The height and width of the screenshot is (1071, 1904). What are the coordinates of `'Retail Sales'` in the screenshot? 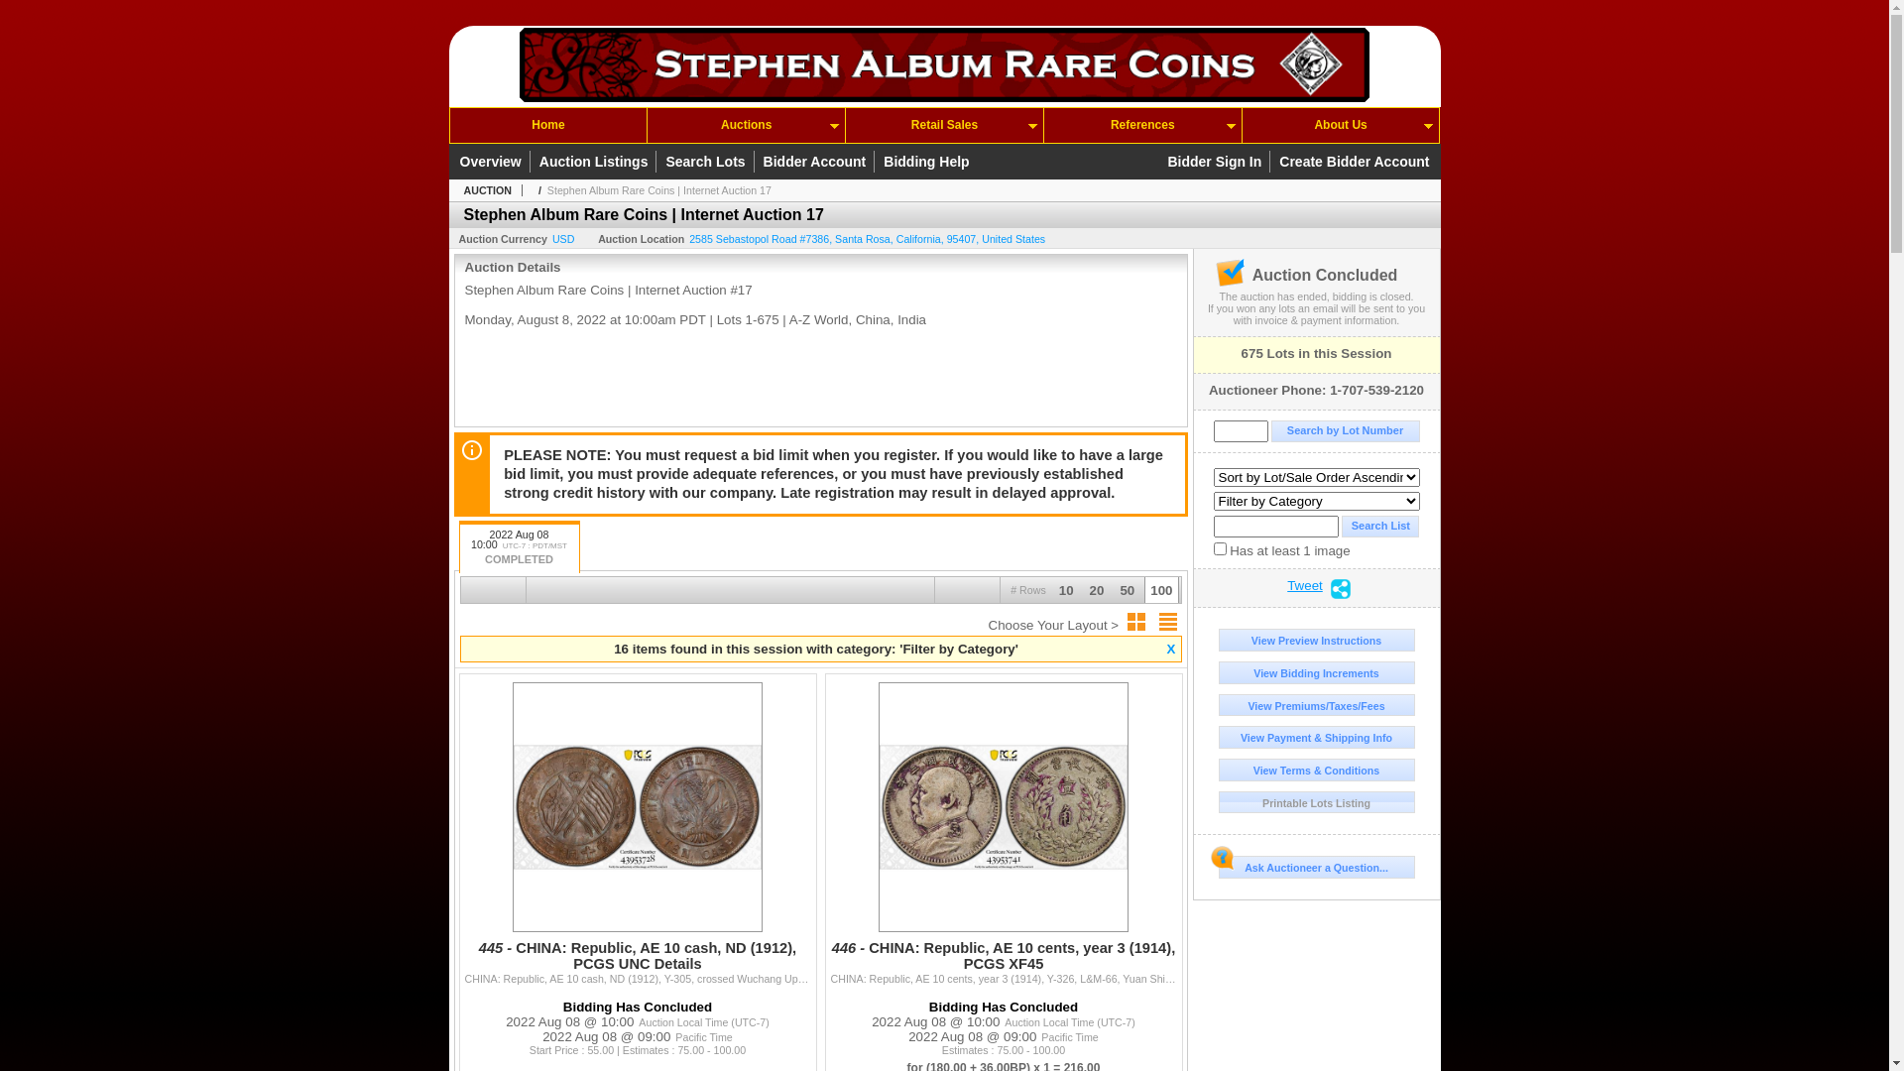 It's located at (943, 125).